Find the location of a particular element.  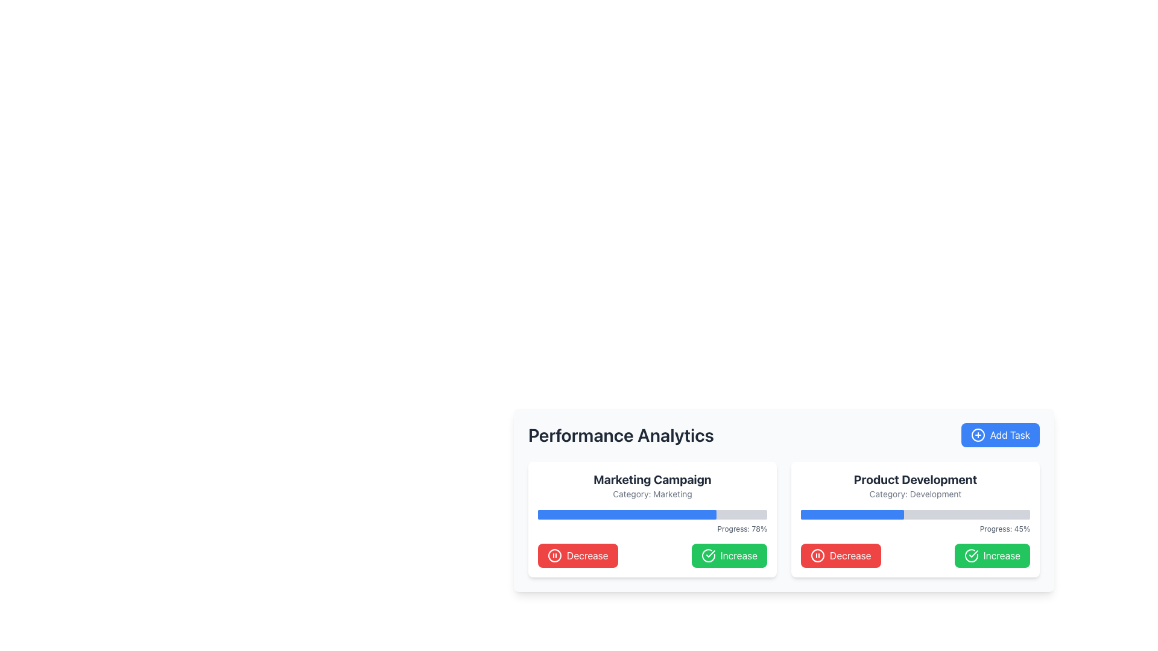

the Progress Bar that visually represents a progress value of 45% for the 'Product Development' task, located beneath 'Category: Development' and above 'Progress: 45%' is located at coordinates (915, 514).